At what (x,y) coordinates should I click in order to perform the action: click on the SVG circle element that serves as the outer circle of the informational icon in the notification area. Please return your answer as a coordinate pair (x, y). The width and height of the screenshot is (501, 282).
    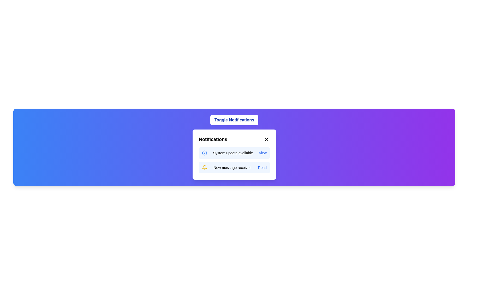
    Looking at the image, I should click on (204, 153).